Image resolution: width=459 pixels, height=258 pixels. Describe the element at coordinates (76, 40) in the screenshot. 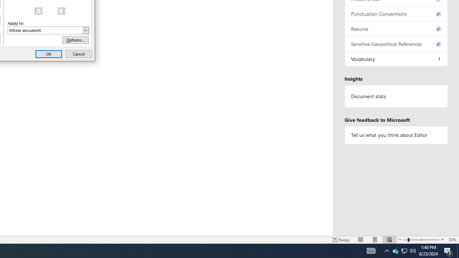

I see `'Options...'` at that location.